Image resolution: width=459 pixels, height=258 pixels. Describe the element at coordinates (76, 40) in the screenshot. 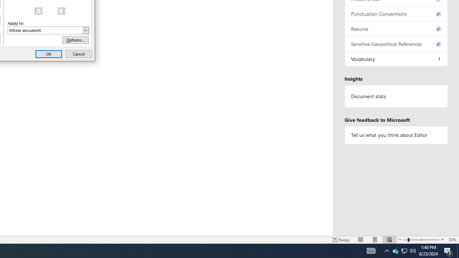

I see `'Options...'` at that location.